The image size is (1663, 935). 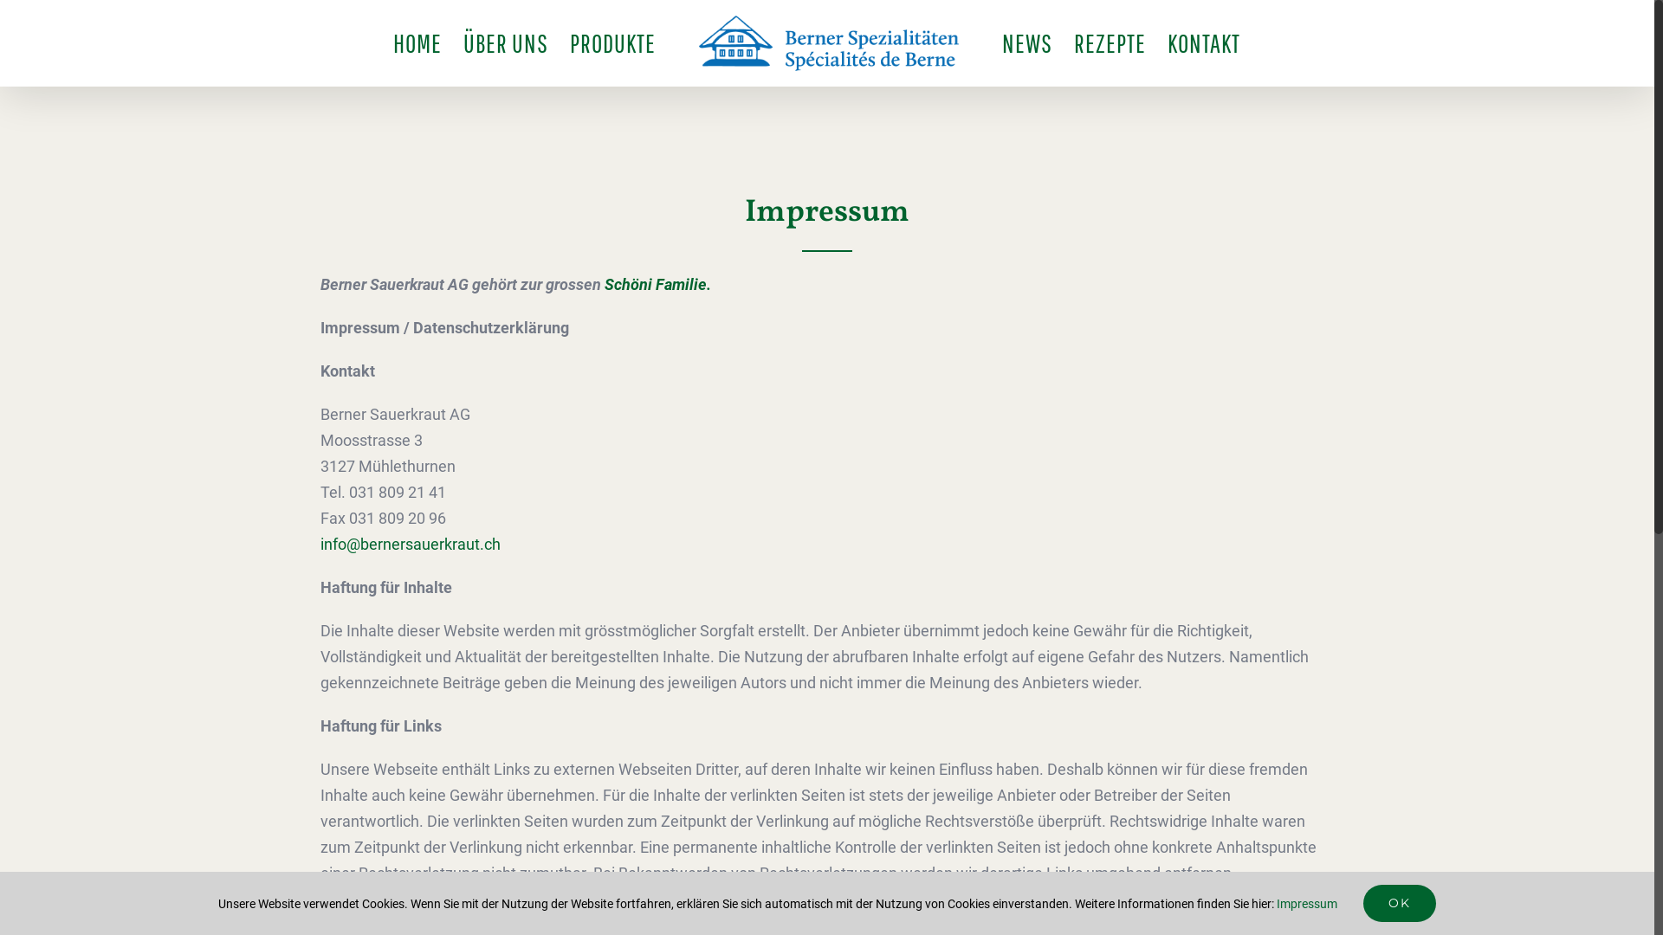 What do you see at coordinates (1026, 42) in the screenshot?
I see `'NEWS'` at bounding box center [1026, 42].